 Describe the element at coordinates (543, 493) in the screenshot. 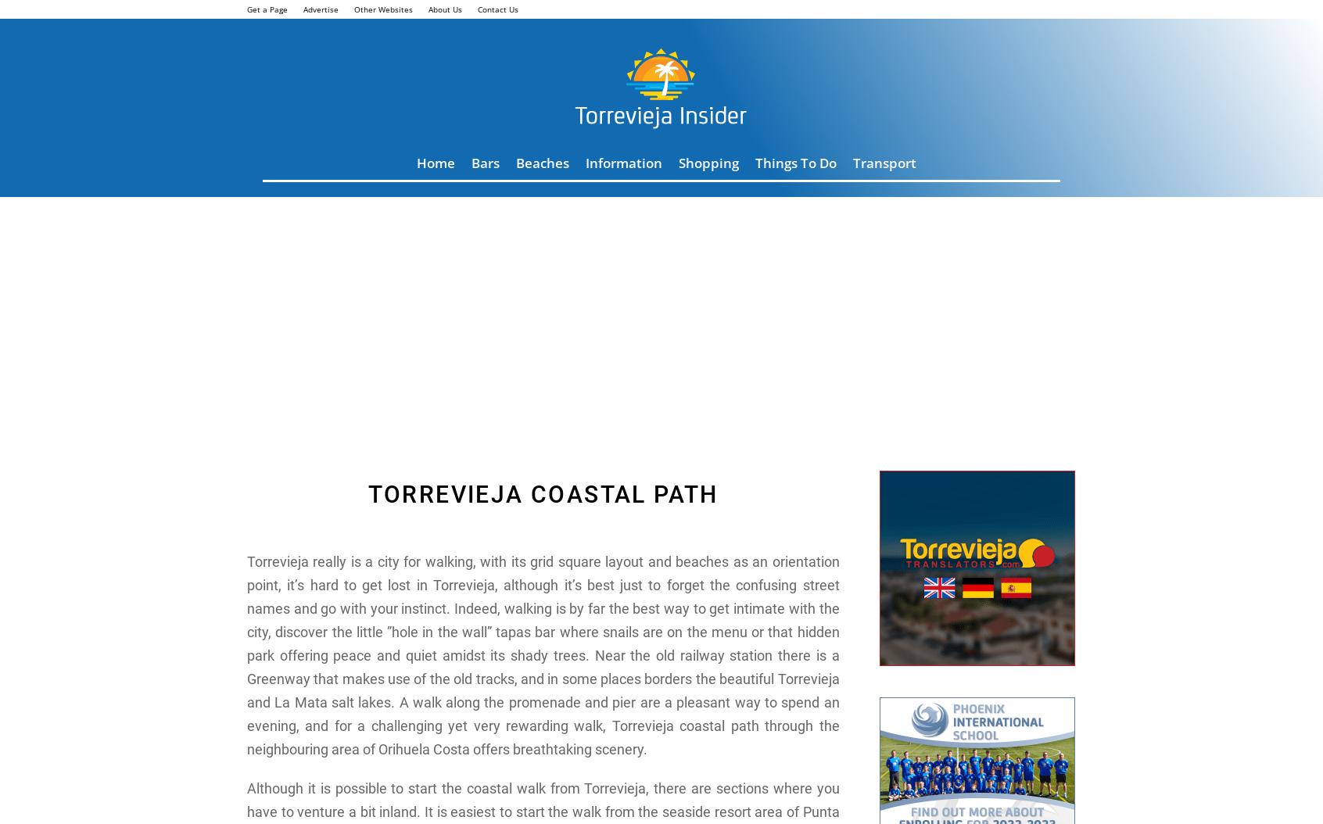

I see `'Torrevieja Coastal Path'` at that location.